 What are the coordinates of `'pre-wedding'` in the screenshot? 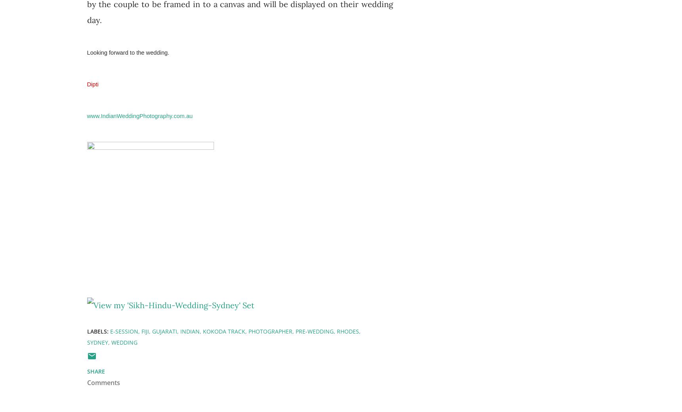 It's located at (314, 330).